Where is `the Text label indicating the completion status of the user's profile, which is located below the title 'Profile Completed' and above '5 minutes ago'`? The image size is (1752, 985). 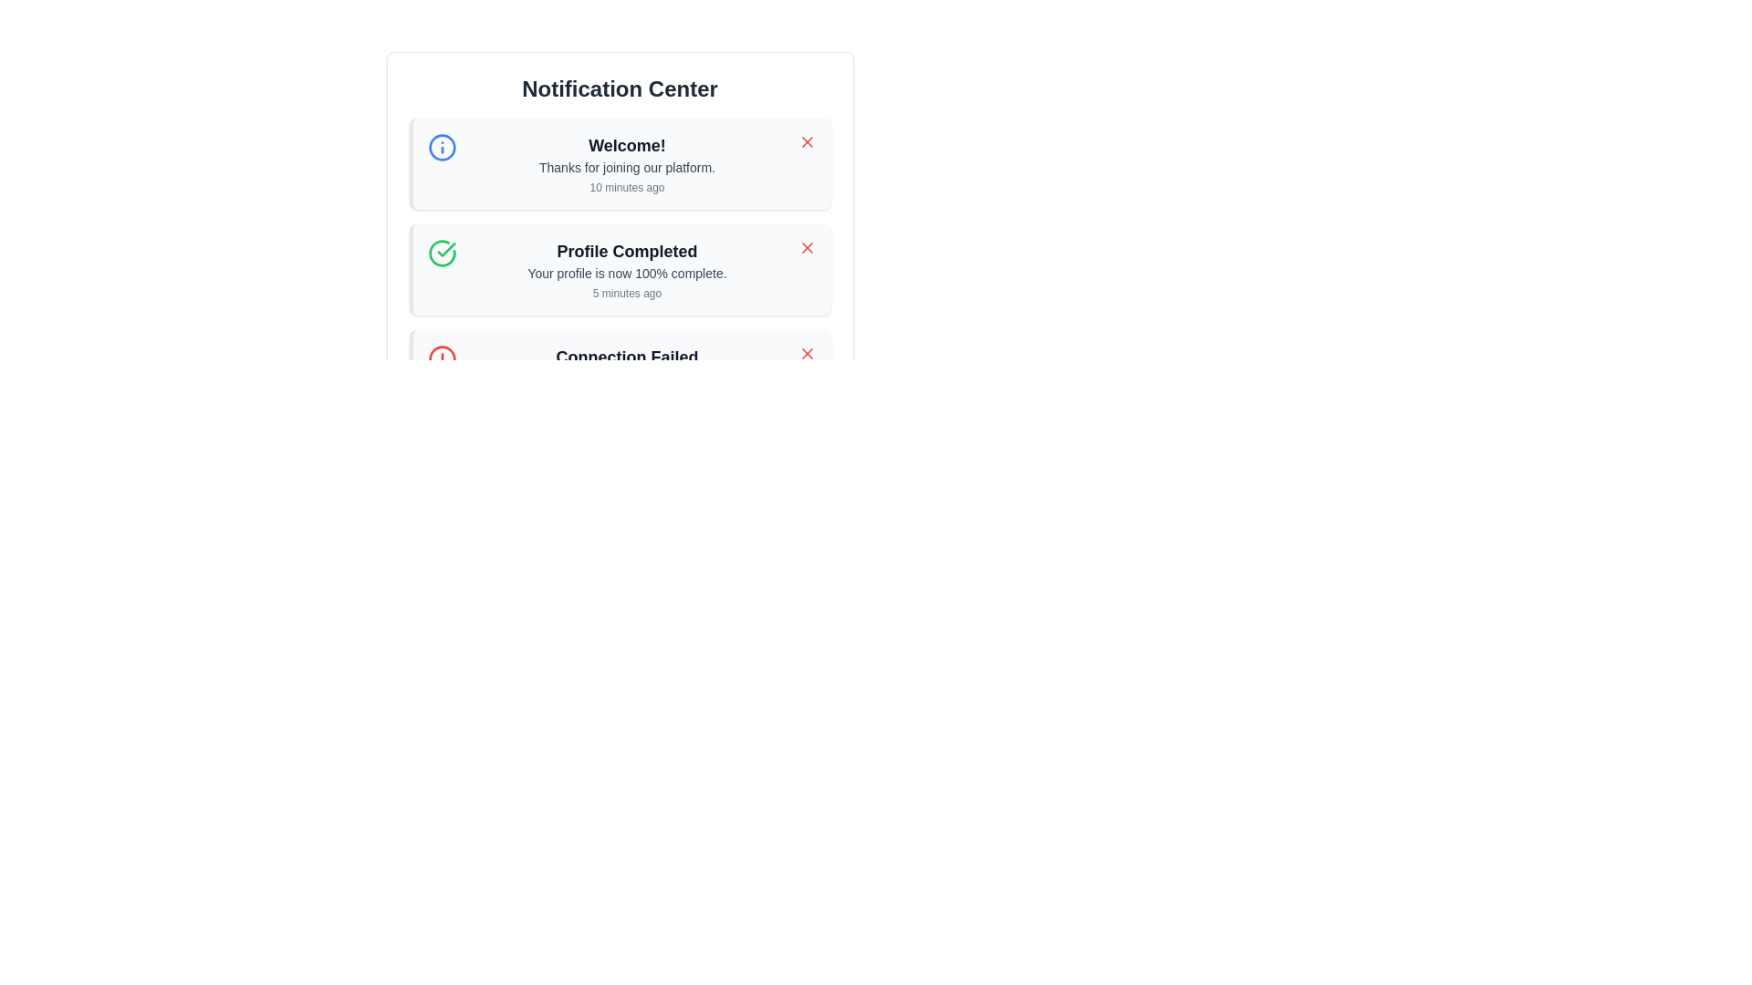 the Text label indicating the completion status of the user's profile, which is located below the title 'Profile Completed' and above '5 minutes ago' is located at coordinates (627, 274).